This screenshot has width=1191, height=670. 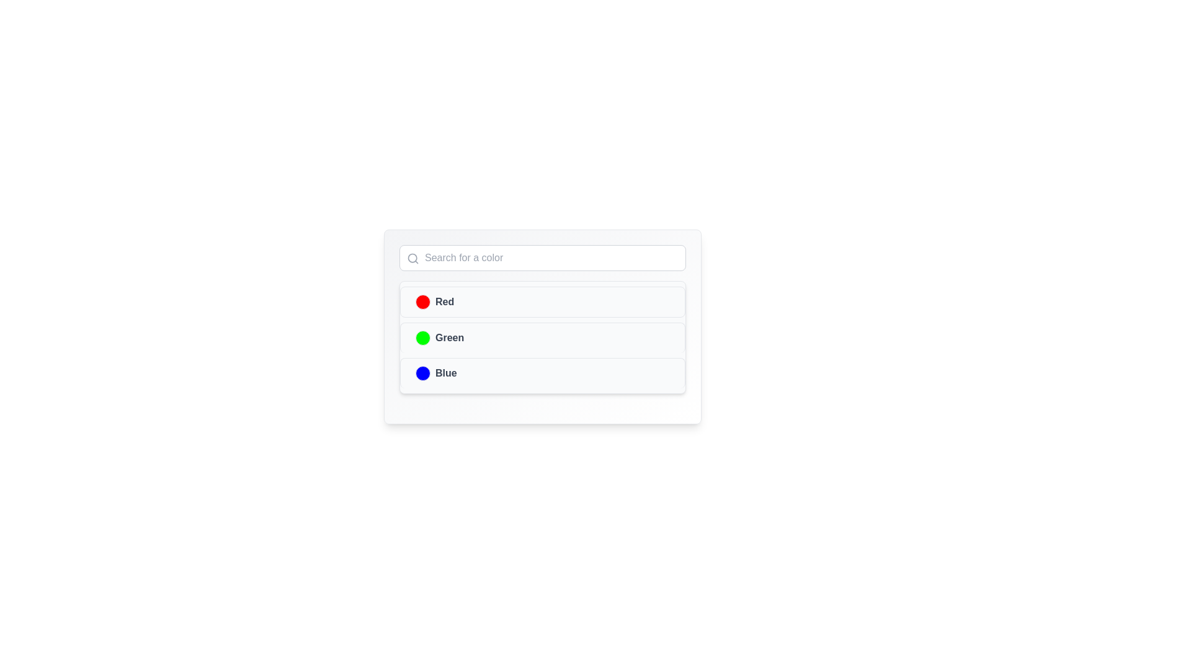 I want to click on the text label displaying 'Red', which is positioned to the right of a circular red icon in a selection list, so click(x=445, y=301).